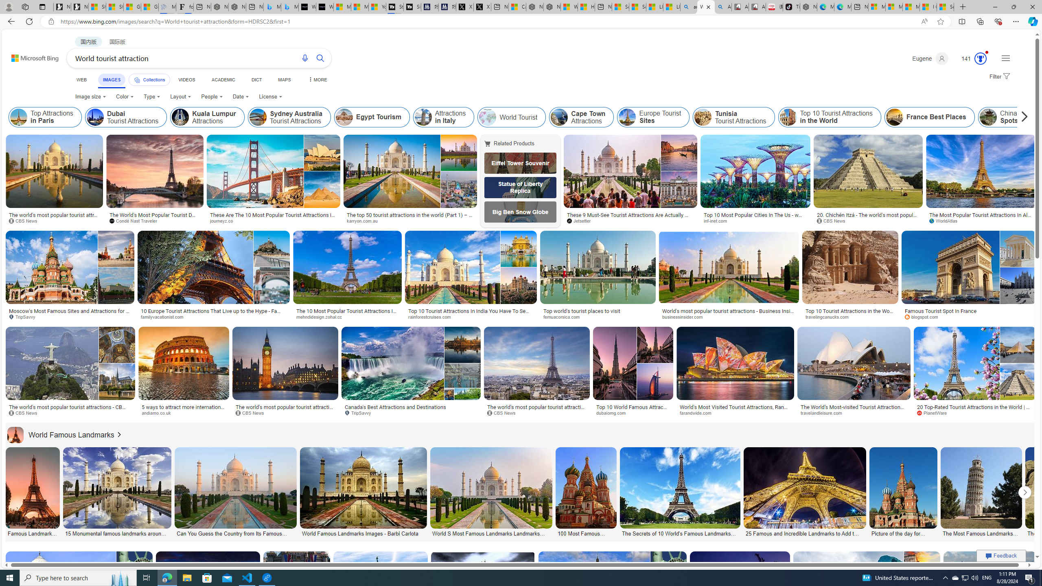  What do you see at coordinates (1022, 117) in the screenshot?
I see `'Scroll right'` at bounding box center [1022, 117].